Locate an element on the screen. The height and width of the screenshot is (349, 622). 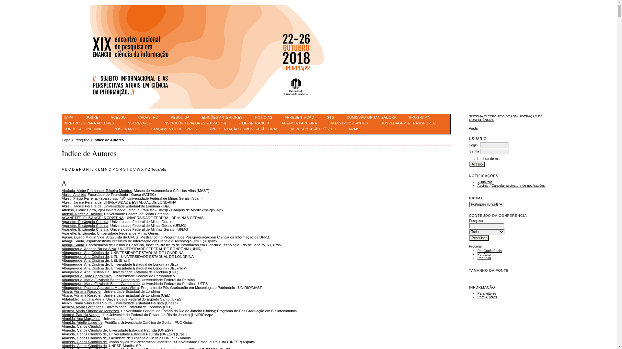
'Z' is located at coordinates (149, 169).